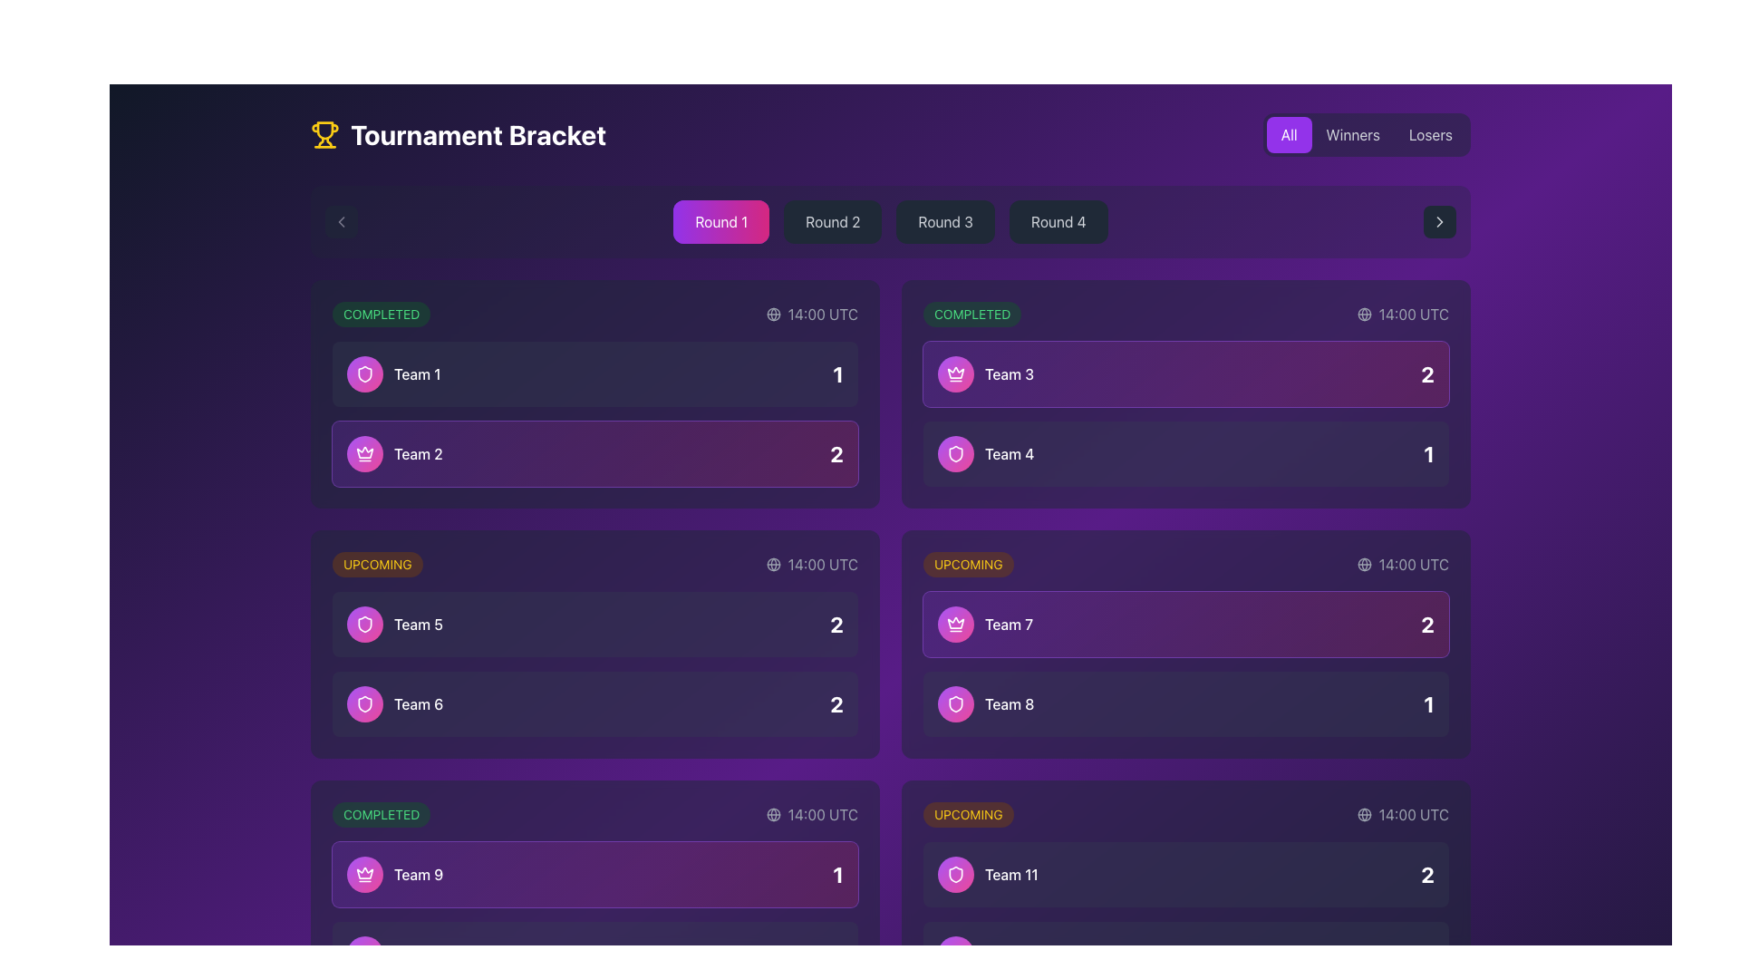 This screenshot has height=979, width=1740. Describe the element at coordinates (984, 624) in the screenshot. I see `text of the team name label located in the second row of the right column, positioned to the right of a circular gradient icon with a crown` at that location.